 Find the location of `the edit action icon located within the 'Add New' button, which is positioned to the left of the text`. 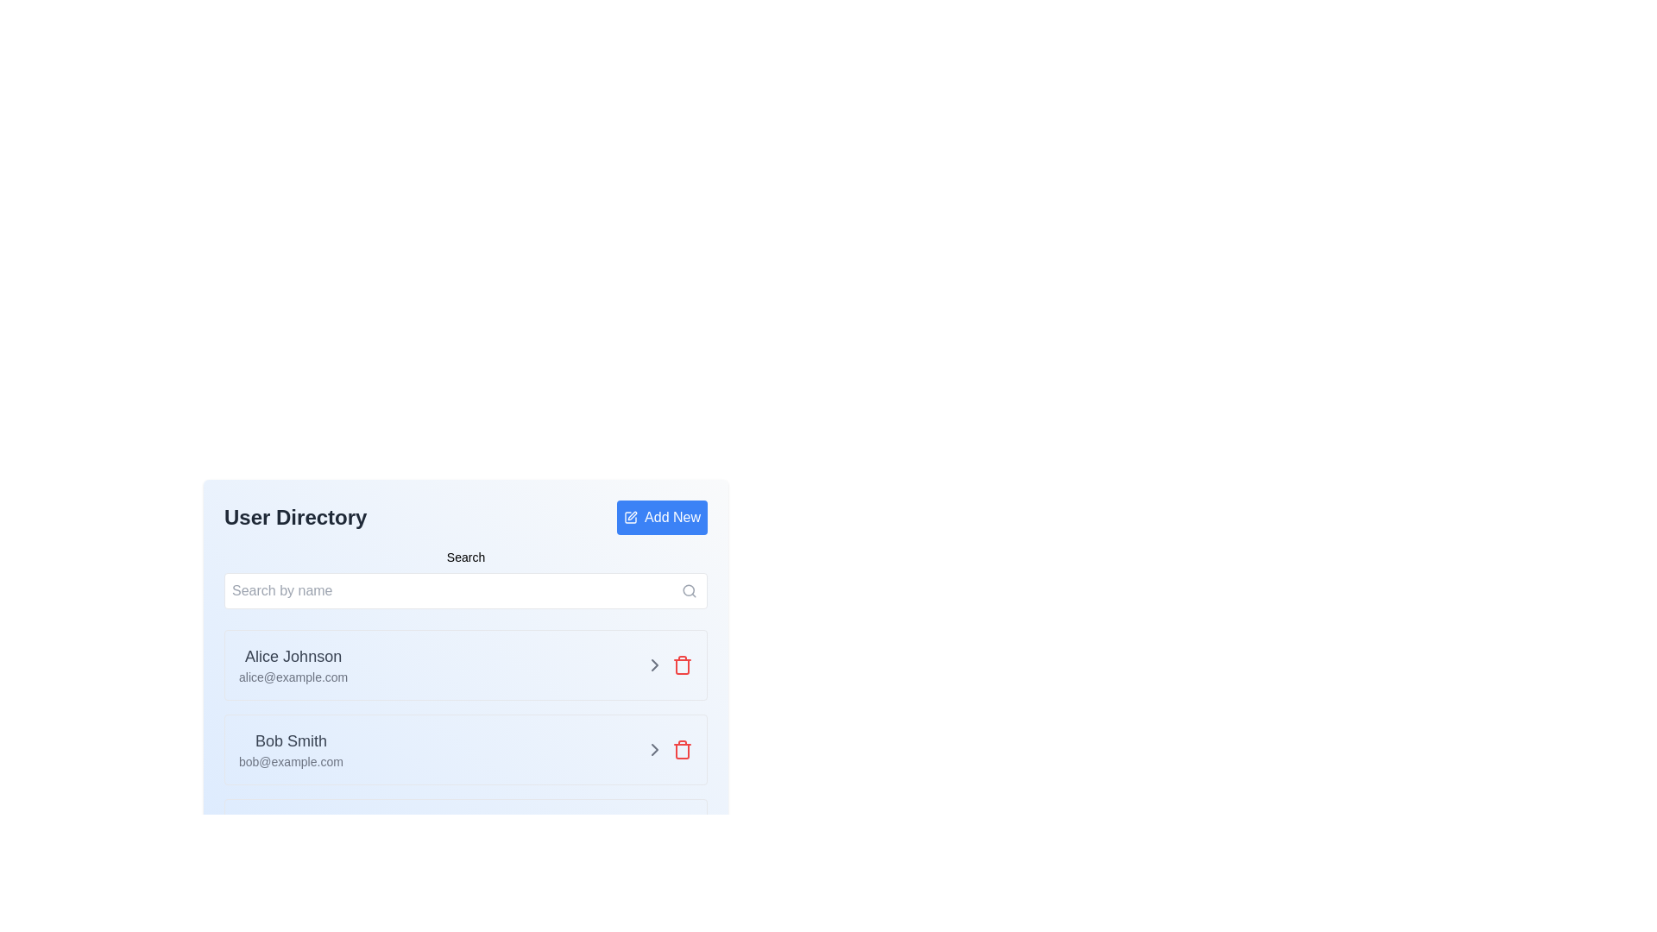

the edit action icon located within the 'Add New' button, which is positioned to the left of the text is located at coordinates (630, 517).